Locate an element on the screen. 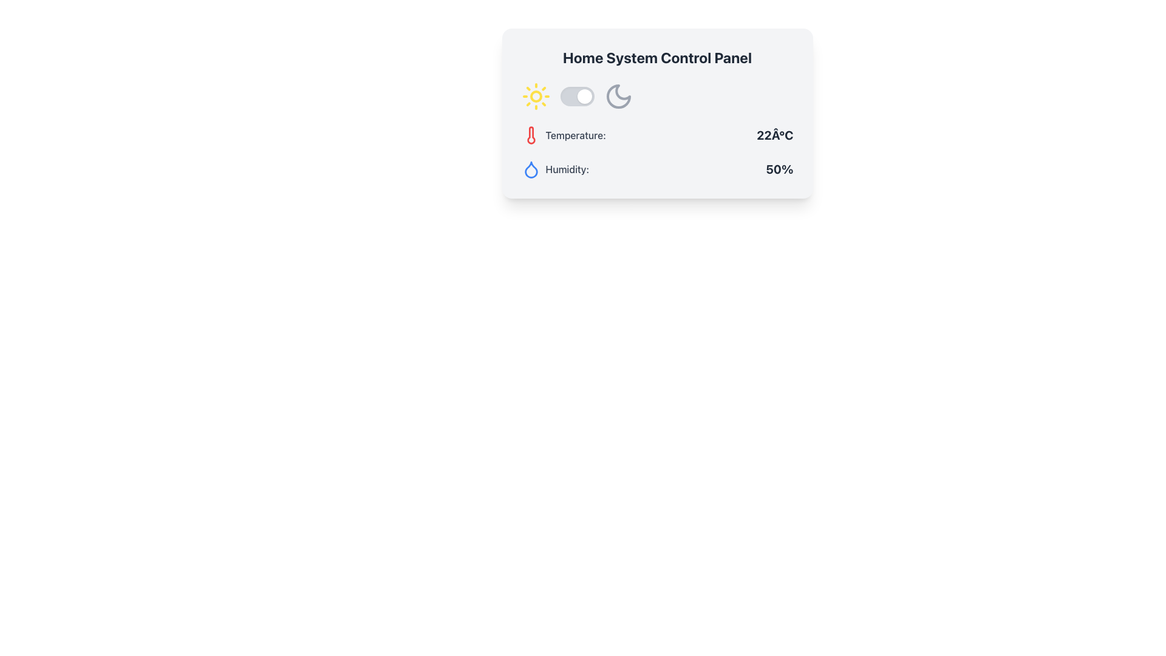 This screenshot has width=1166, height=656. the humidity level display element, which is the second entry in a horizontally aligned group, providing non-interactive information about current humidity levels is located at coordinates (656, 169).